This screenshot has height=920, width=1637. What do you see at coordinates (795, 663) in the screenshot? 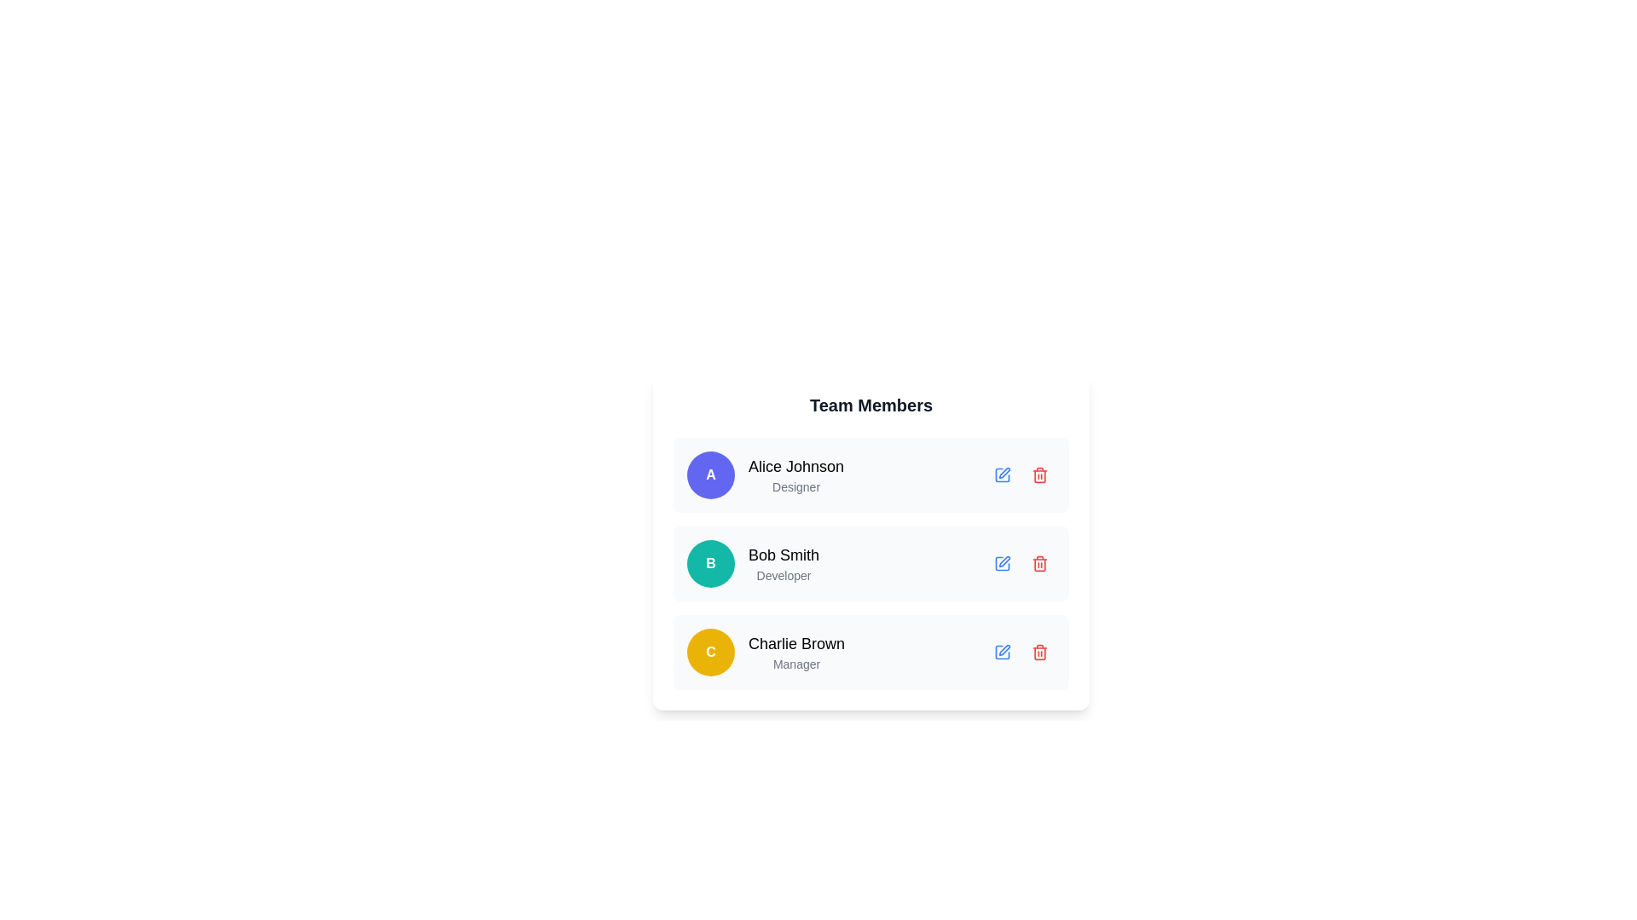
I see `the text label displaying 'Manager' which is positioned centrally beneath the 'Charlie Brown' text label in the 'Team Members' section` at bounding box center [795, 663].